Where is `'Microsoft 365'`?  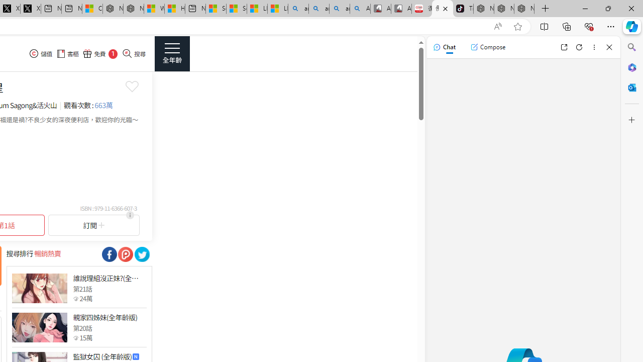 'Microsoft 365' is located at coordinates (631, 67).